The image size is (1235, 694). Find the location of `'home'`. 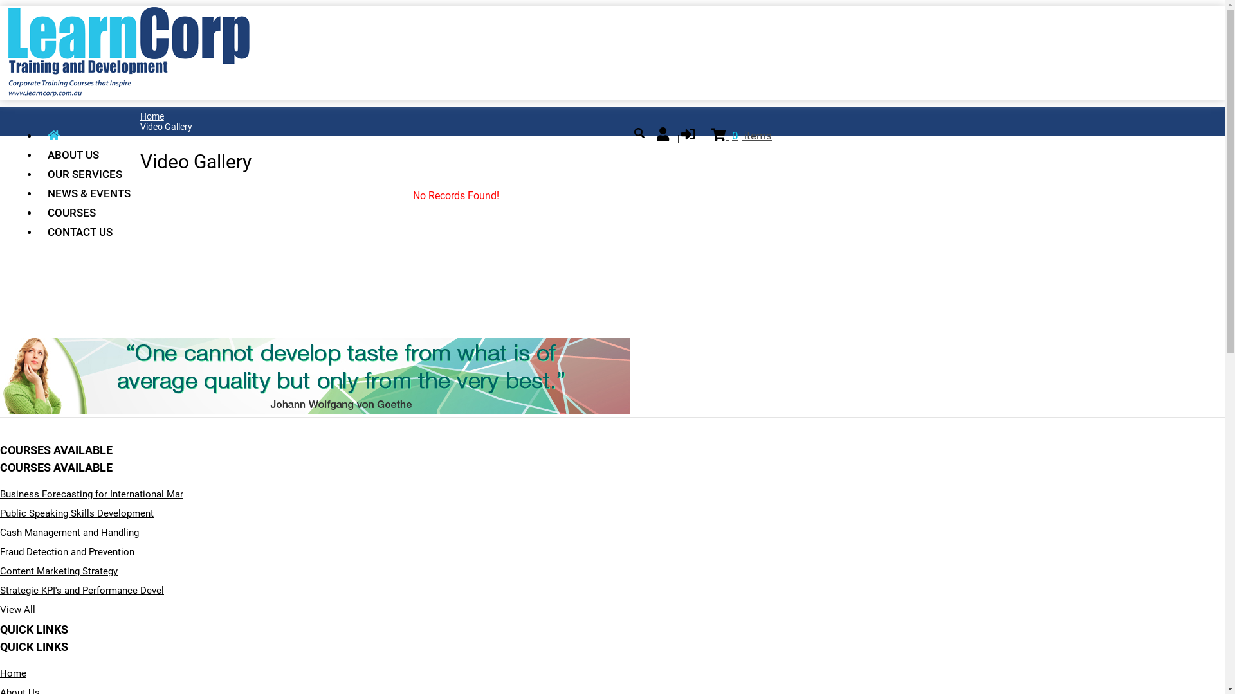

'home' is located at coordinates (89, 136).